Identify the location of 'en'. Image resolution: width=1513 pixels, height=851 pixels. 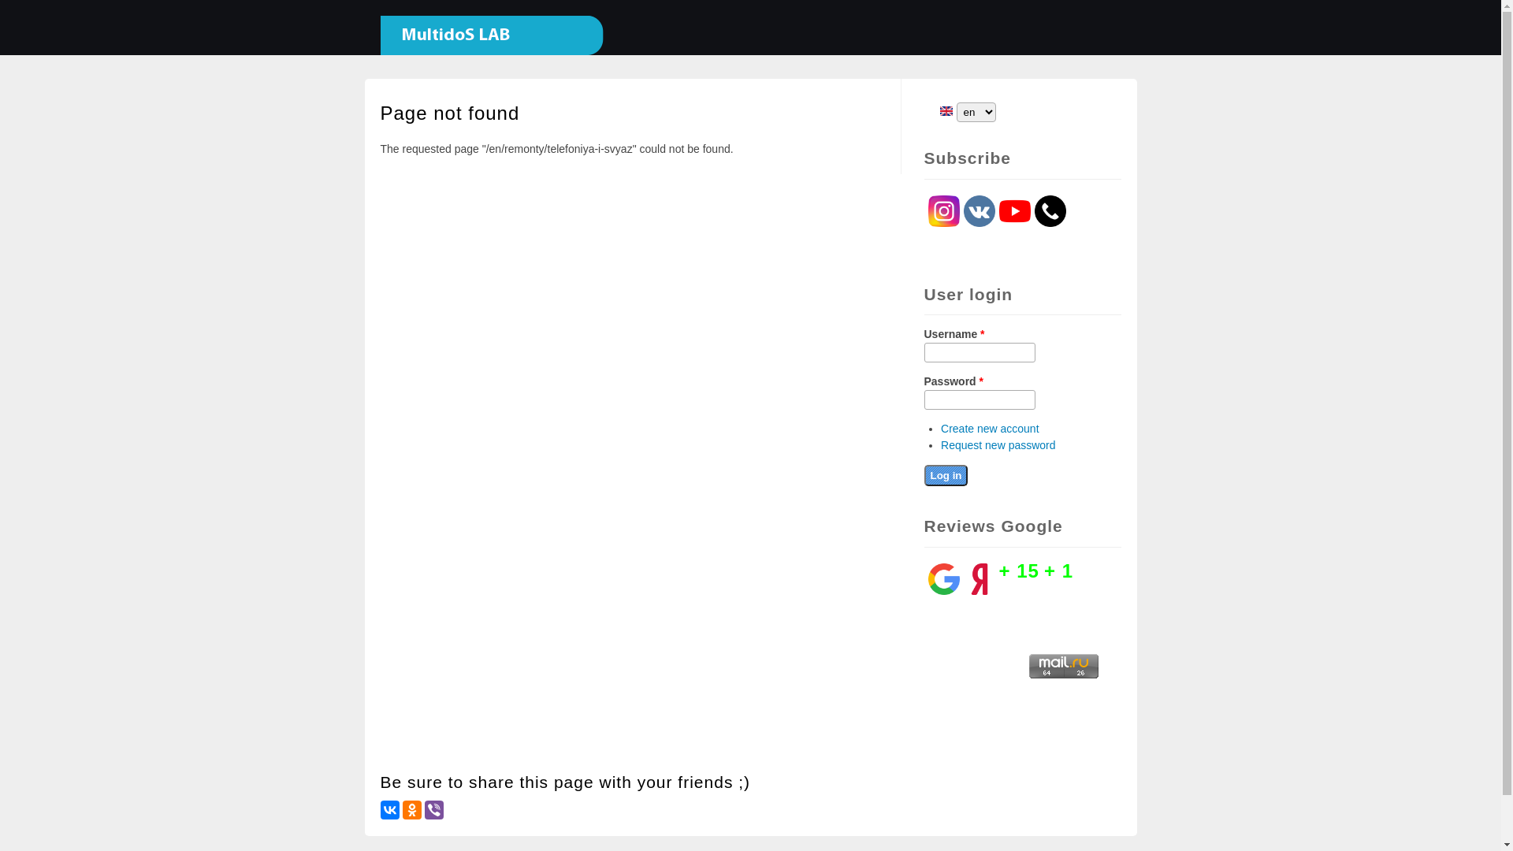
(939, 110).